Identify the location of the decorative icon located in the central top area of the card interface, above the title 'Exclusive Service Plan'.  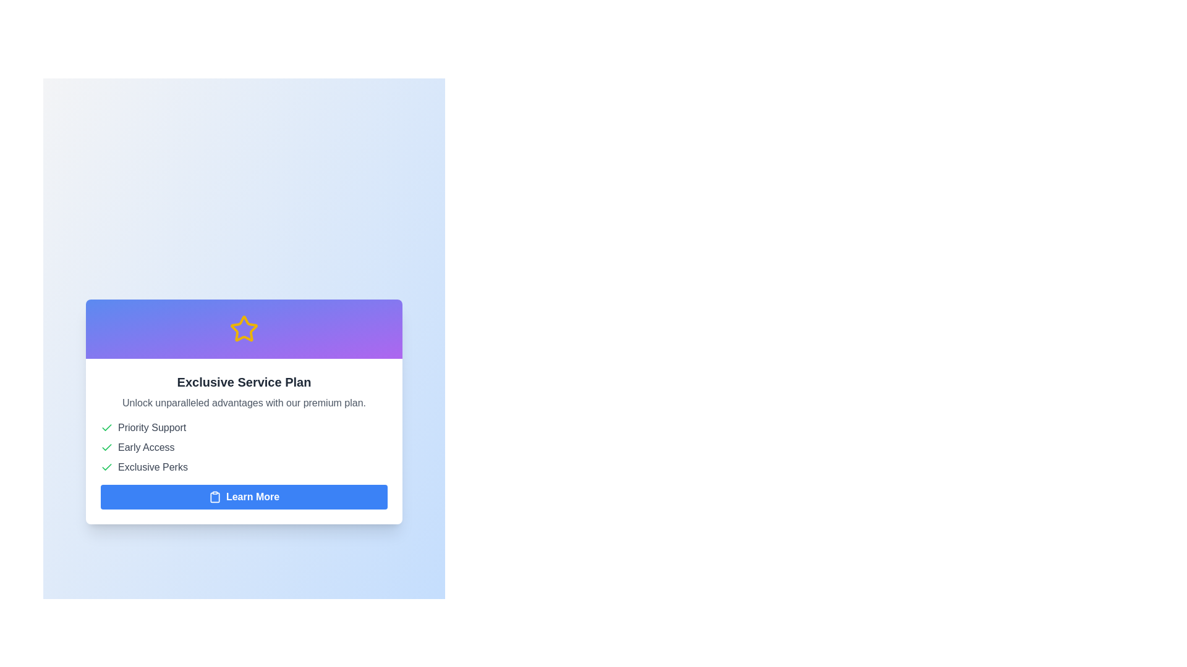
(244, 328).